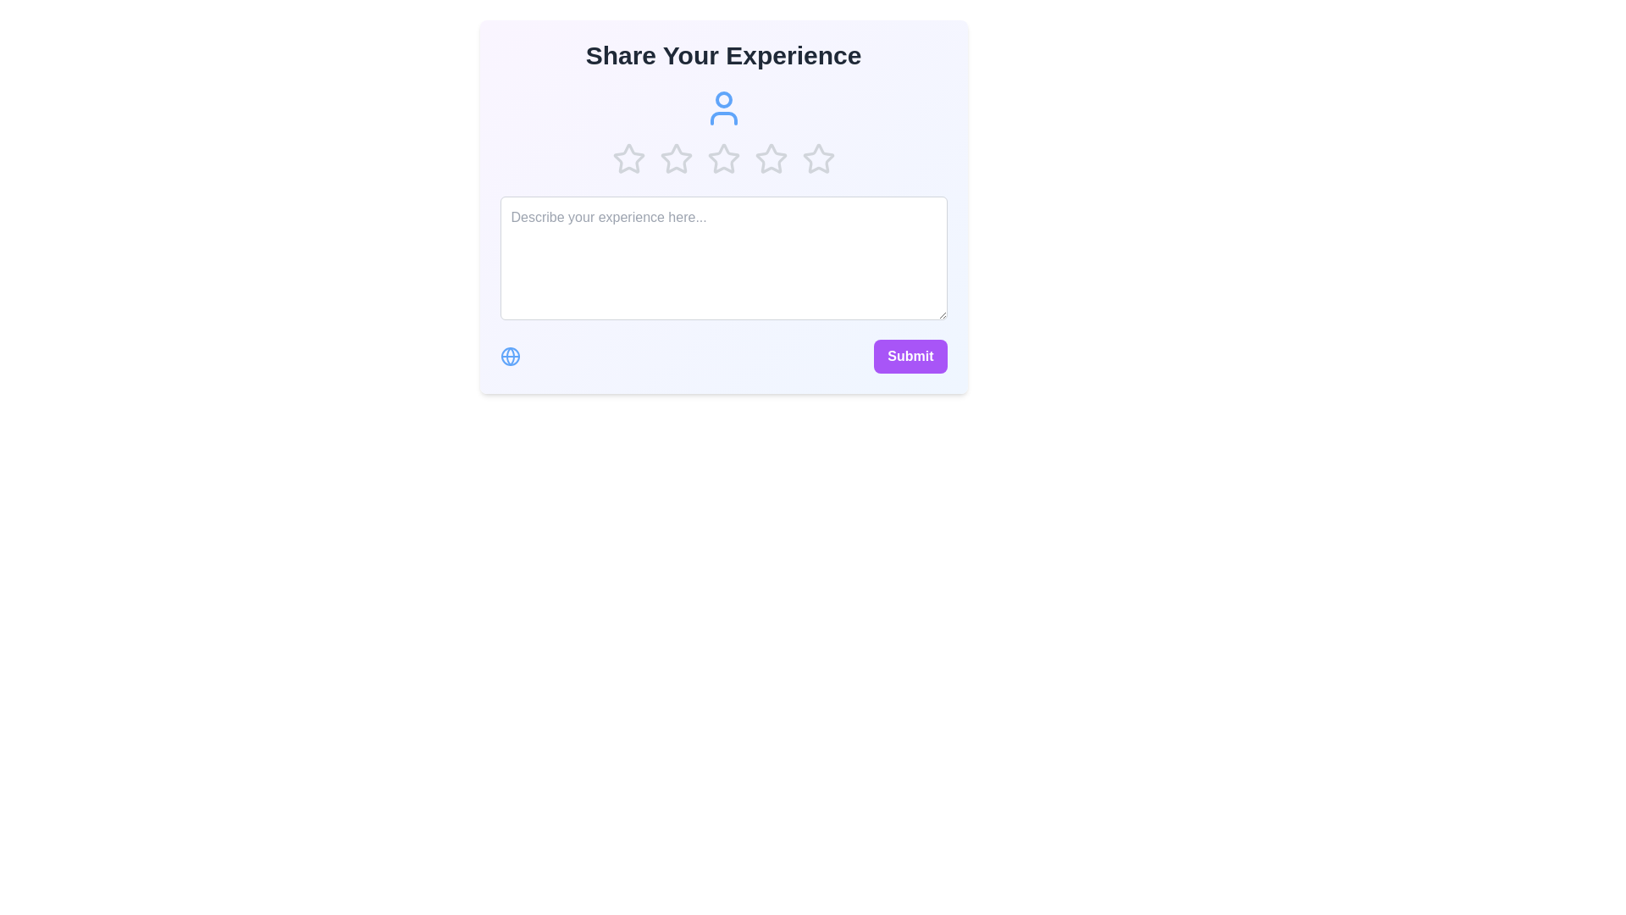 The image size is (1626, 915). What do you see at coordinates (723, 108) in the screenshot?
I see `the user icon, which is a circular head and abstract humanoid body with a blue outline, located in the 'Share Your Experience' section at the top of the interface` at bounding box center [723, 108].